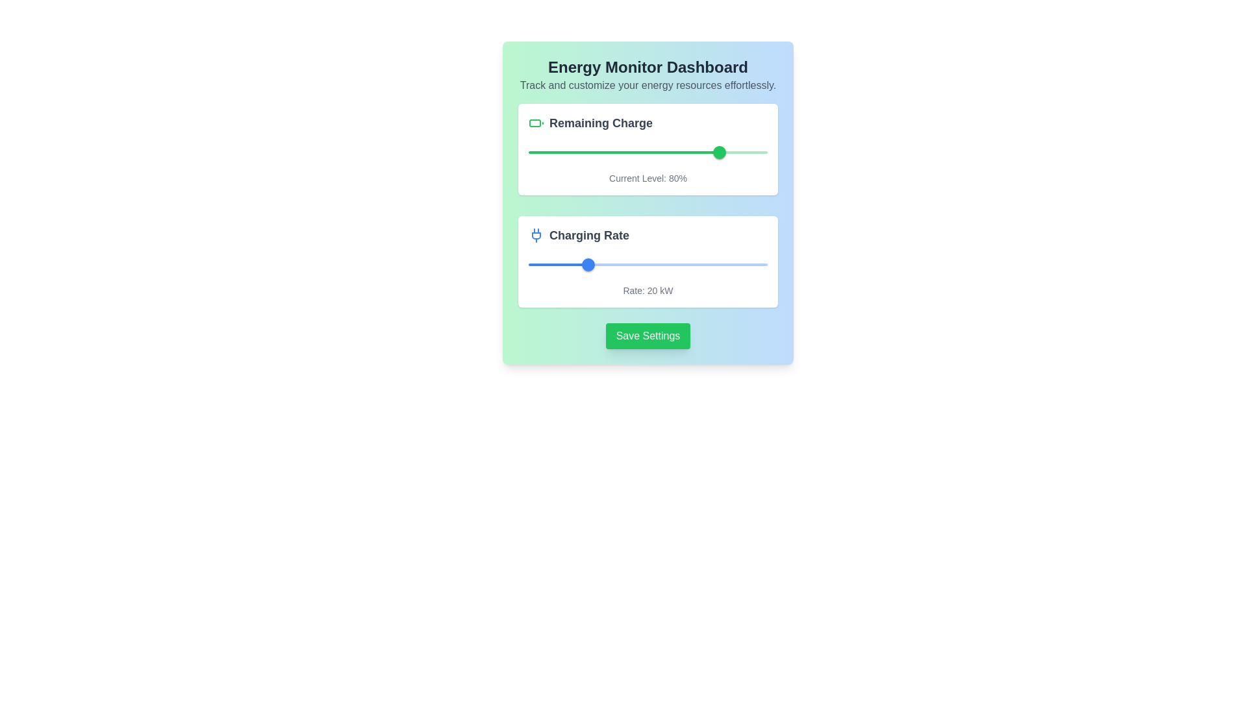  What do you see at coordinates (648, 85) in the screenshot?
I see `the text description element located immediately below the title 'Energy Monitor Dashboard' in the dashboard panel` at bounding box center [648, 85].